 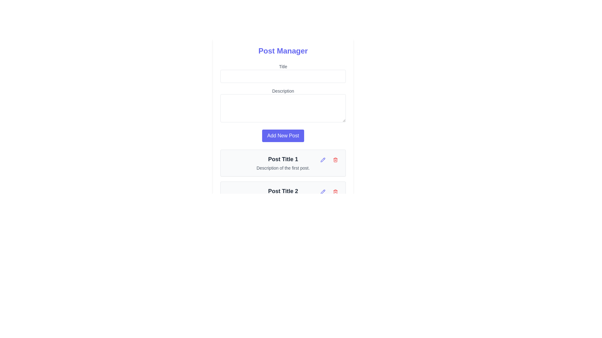 I want to click on label 'Post Manager' which is a centered, bold, large indigo text at the top of the user interface section, so click(x=283, y=50).